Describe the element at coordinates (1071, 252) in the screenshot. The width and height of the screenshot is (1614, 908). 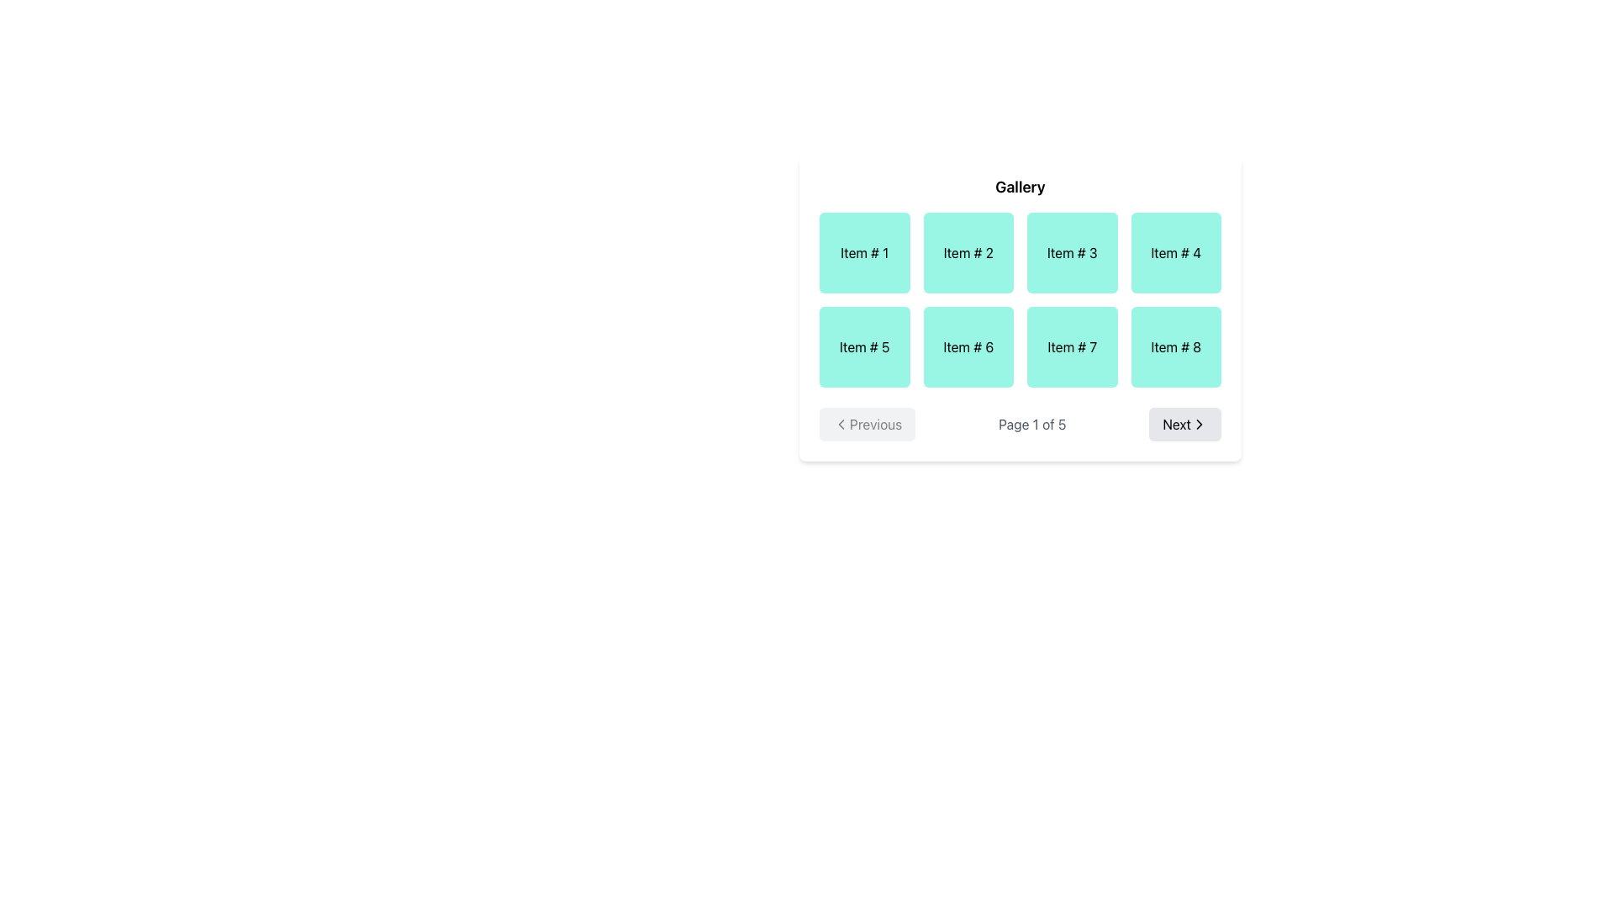
I see `the grid cell displaying 'Item # 3', located in the first row and third column of a 4x2 grid layout` at that location.